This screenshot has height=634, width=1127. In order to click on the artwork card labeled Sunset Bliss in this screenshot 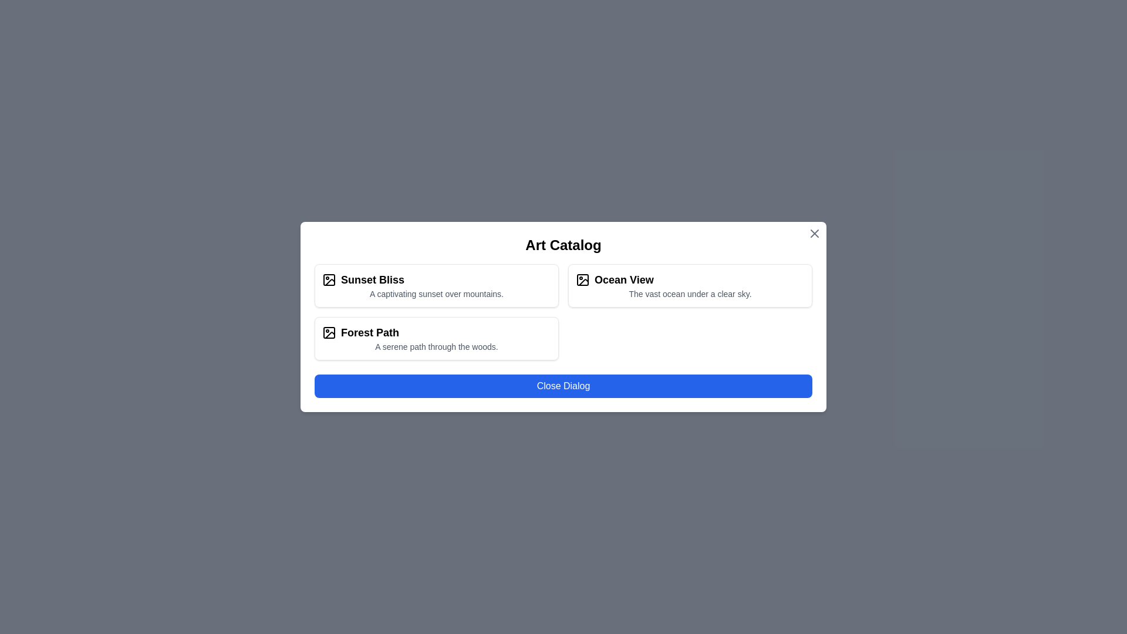, I will do `click(436, 285)`.